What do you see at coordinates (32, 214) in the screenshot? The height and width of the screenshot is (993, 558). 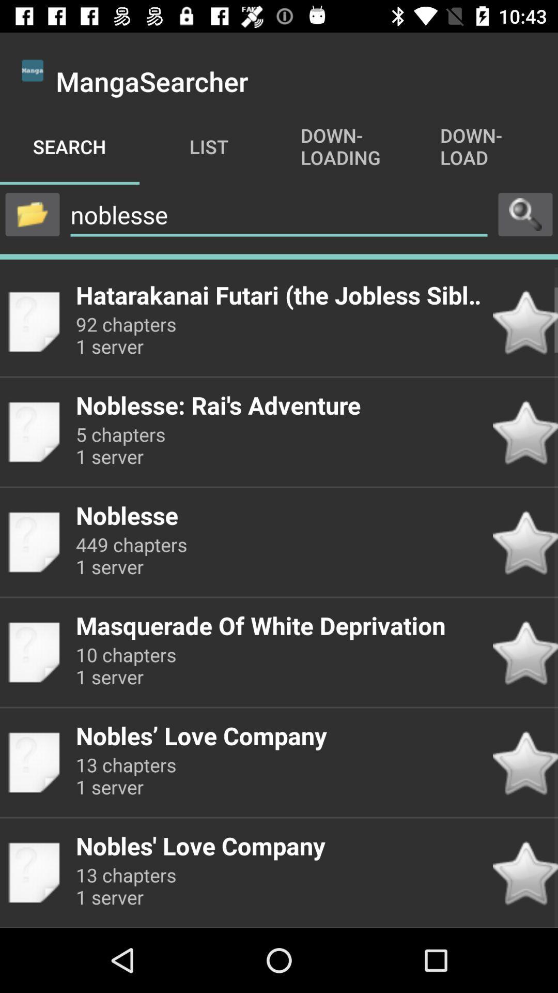 I see `open files` at bounding box center [32, 214].